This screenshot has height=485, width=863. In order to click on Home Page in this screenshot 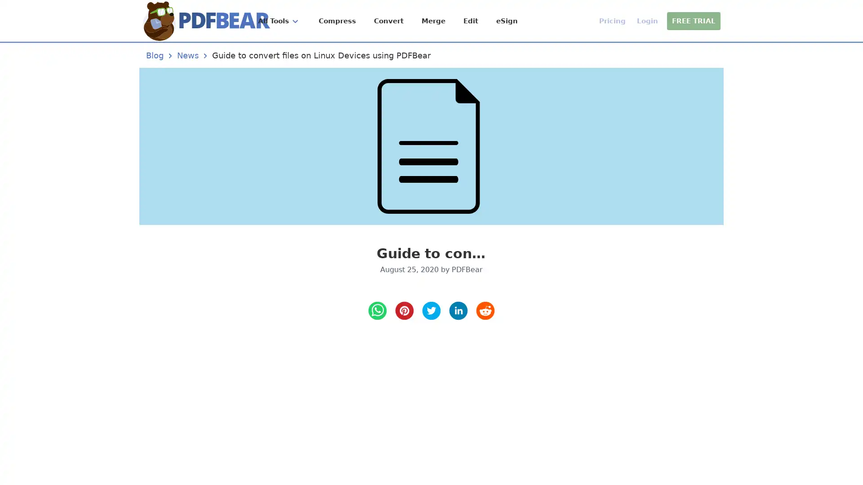, I will do `click(206, 20)`.